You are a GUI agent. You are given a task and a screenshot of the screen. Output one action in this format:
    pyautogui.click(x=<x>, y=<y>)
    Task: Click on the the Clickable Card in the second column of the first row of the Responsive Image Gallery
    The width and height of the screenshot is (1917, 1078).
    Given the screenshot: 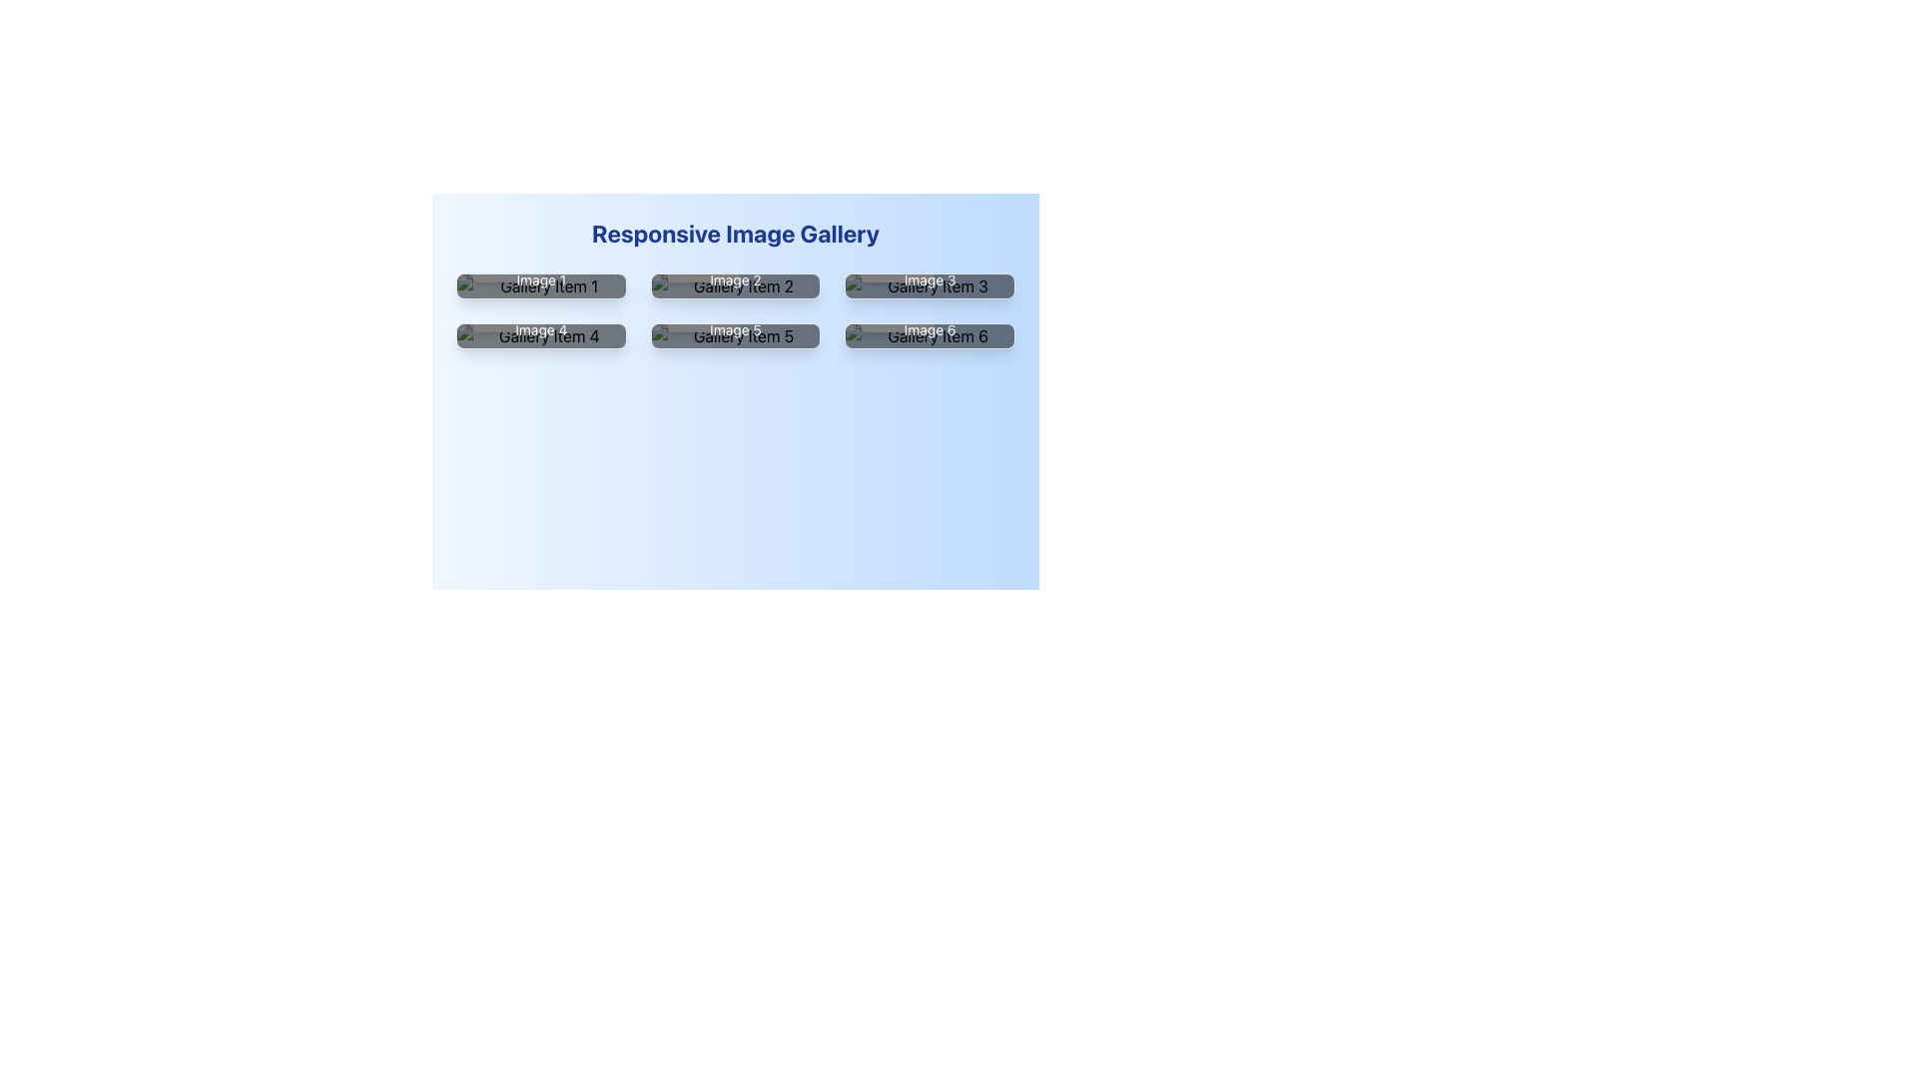 What is the action you would take?
    pyautogui.click(x=734, y=285)
    